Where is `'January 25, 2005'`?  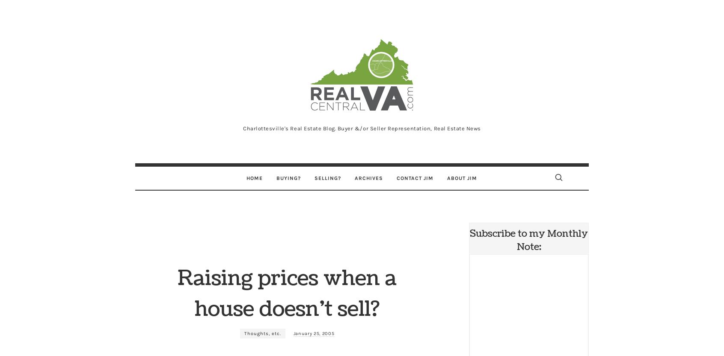
'January 25, 2005' is located at coordinates (313, 333).